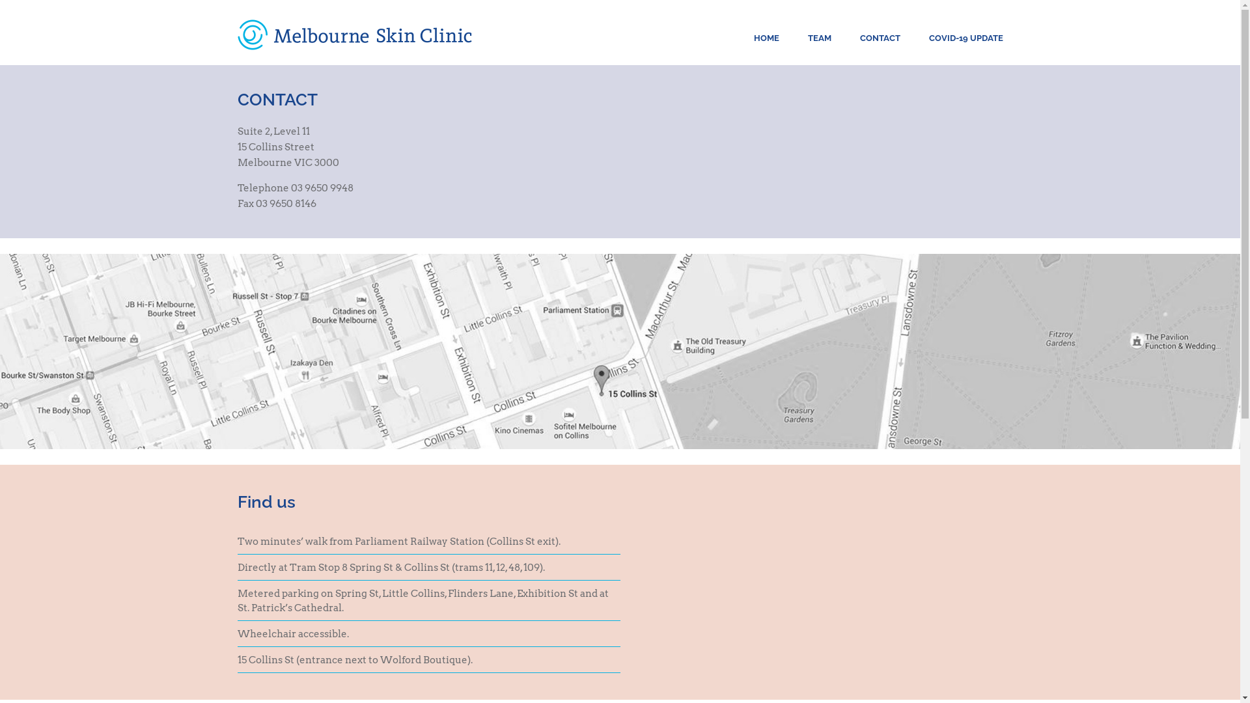  Describe the element at coordinates (859, 37) in the screenshot. I see `'CONTACT'` at that location.